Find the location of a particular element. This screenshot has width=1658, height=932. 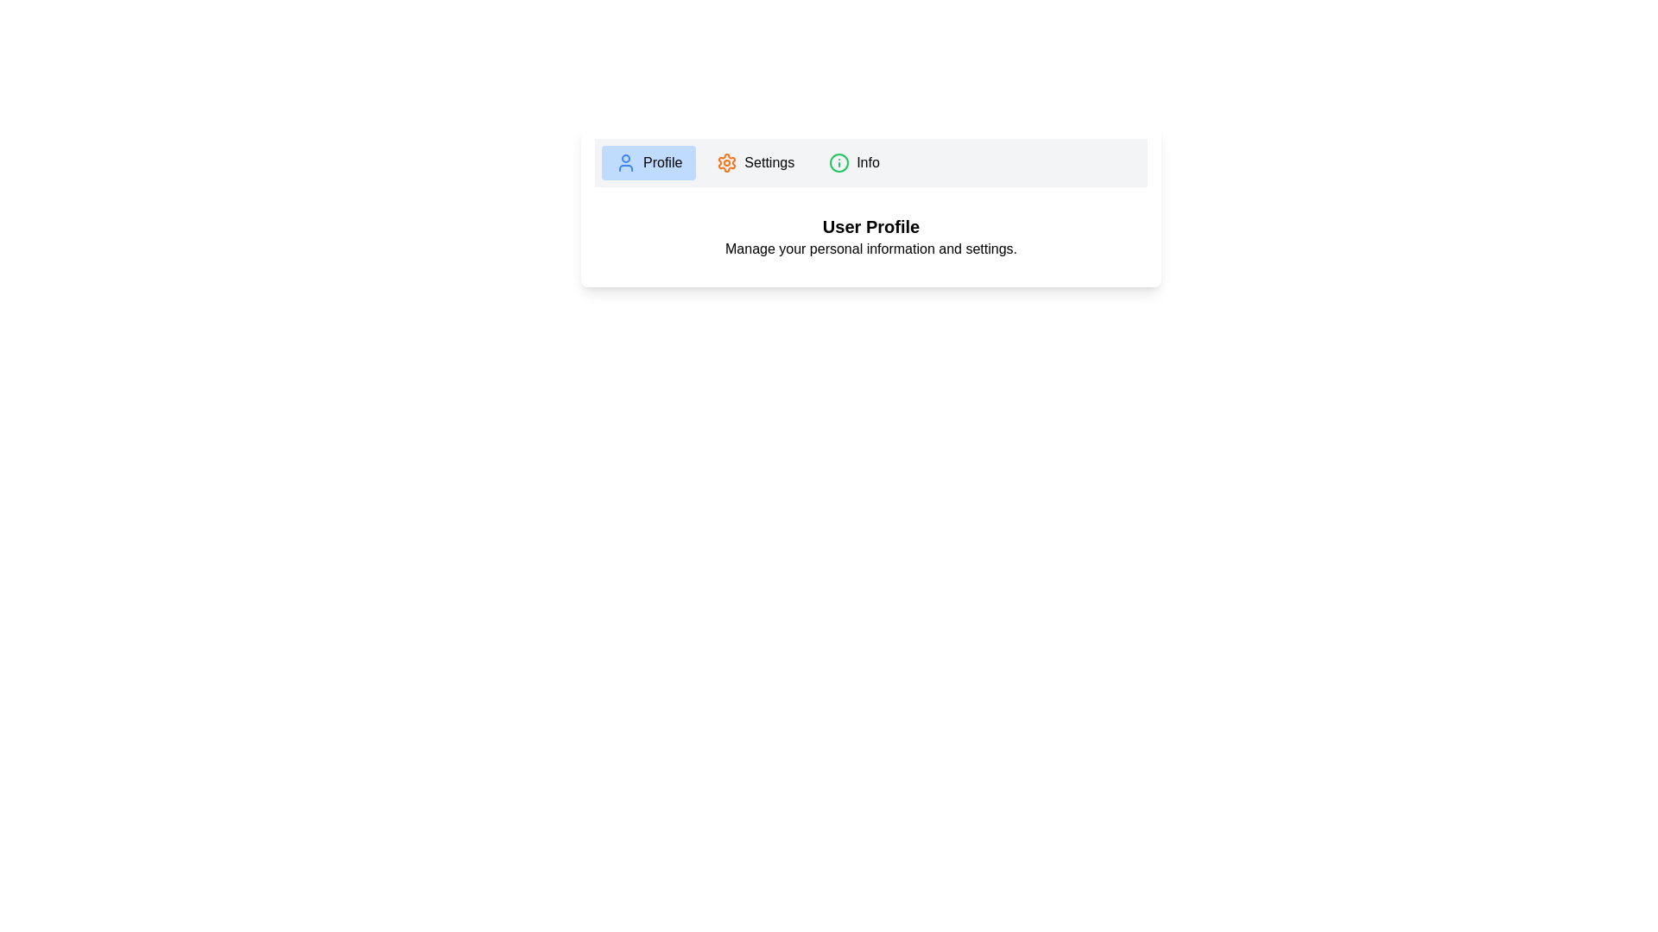

the tab 'Info' to view its content is located at coordinates (853, 163).